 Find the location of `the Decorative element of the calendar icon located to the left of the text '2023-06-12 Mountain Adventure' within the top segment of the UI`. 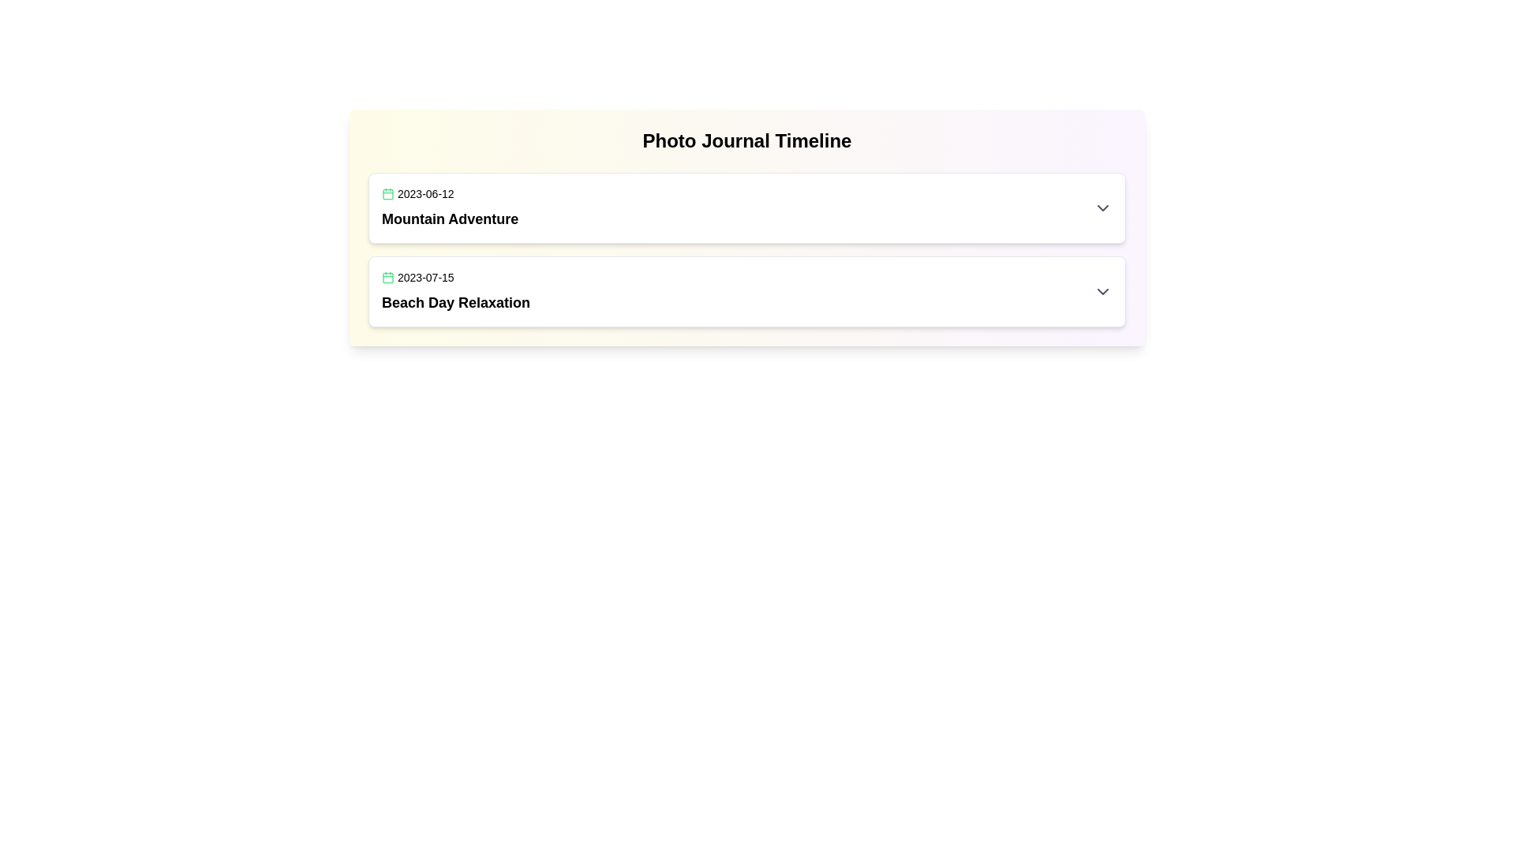

the Decorative element of the calendar icon located to the left of the text '2023-06-12 Mountain Adventure' within the top segment of the UI is located at coordinates (387, 193).